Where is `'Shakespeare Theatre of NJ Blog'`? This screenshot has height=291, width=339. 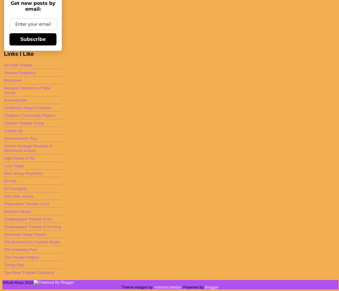
'Shakespeare Theatre of NJ Blog' is located at coordinates (32, 226).